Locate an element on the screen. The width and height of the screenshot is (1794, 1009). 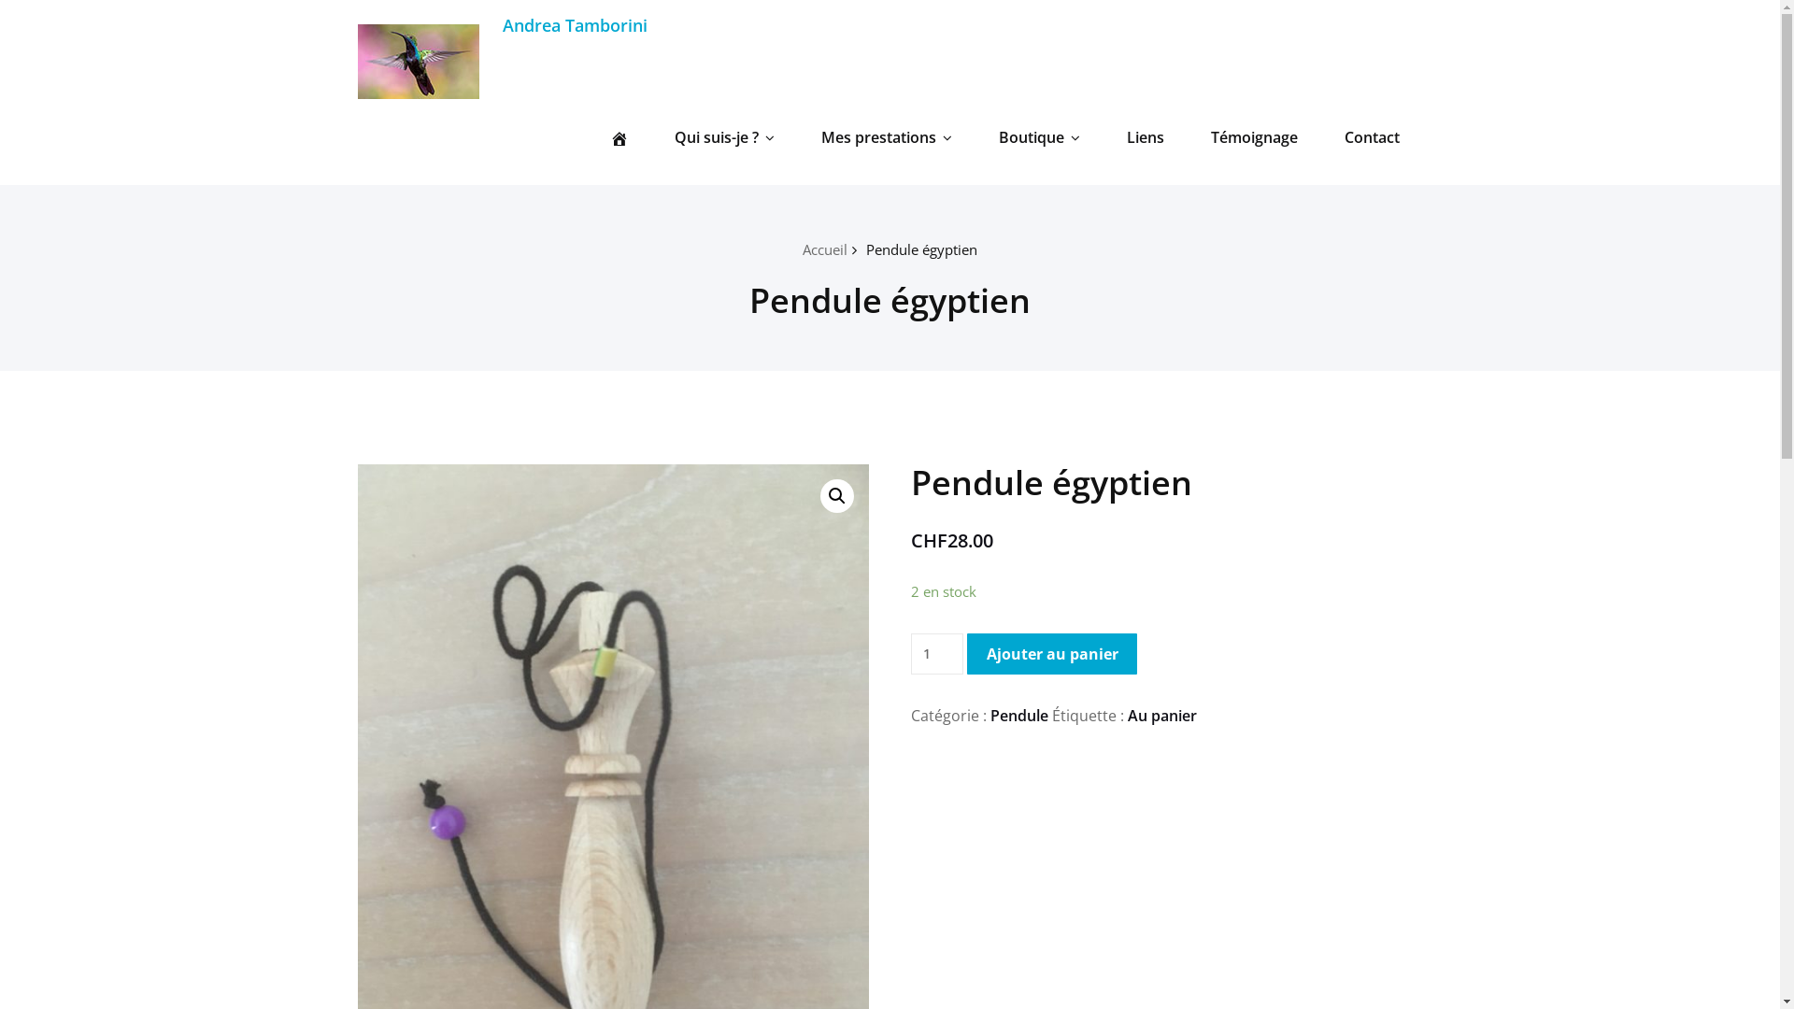
'Contact' is located at coordinates (1372, 135).